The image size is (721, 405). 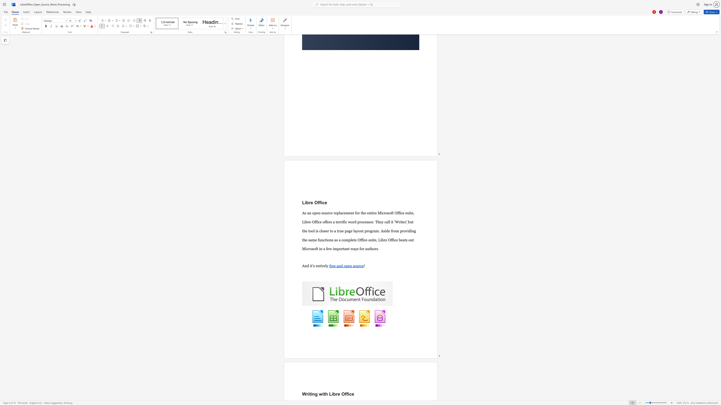 I want to click on the space between the continuous character "c" and "e" in the text, so click(x=362, y=266).